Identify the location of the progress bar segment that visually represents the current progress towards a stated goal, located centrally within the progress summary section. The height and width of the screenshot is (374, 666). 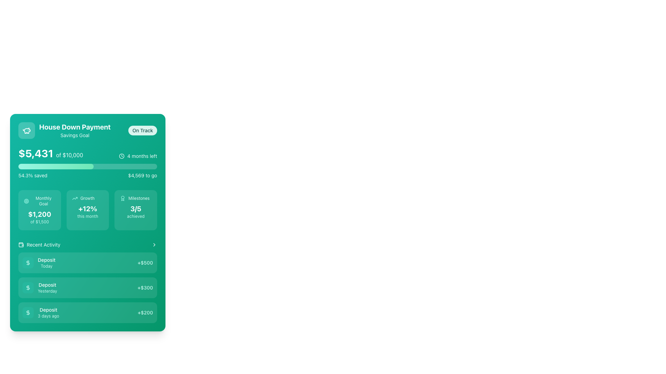
(56, 167).